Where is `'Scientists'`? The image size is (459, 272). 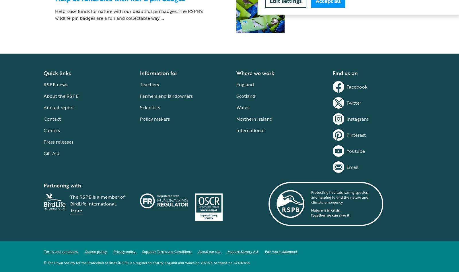
'Scientists' is located at coordinates (150, 107).